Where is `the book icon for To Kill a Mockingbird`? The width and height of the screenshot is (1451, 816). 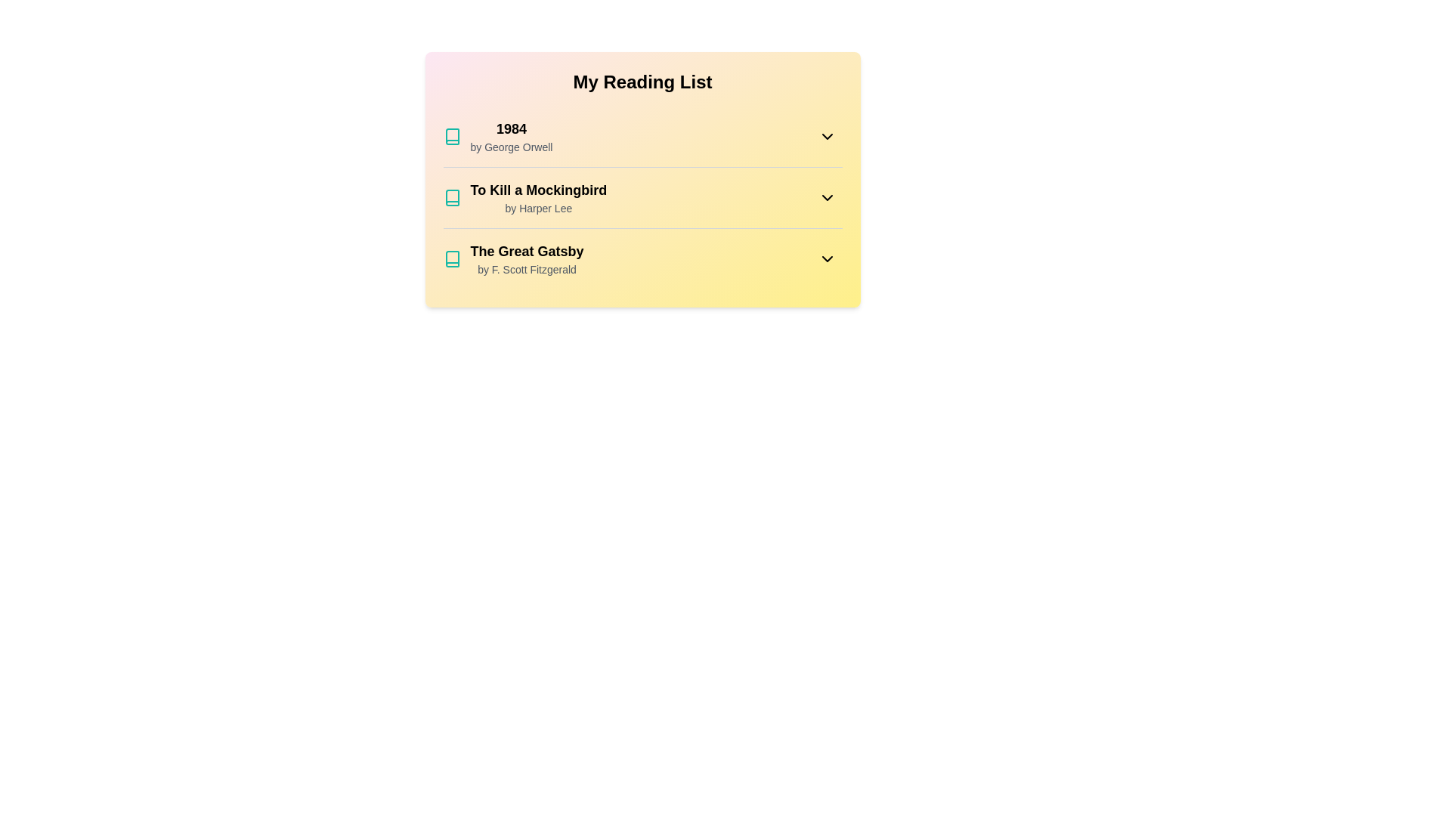 the book icon for To Kill a Mockingbird is located at coordinates (451, 197).